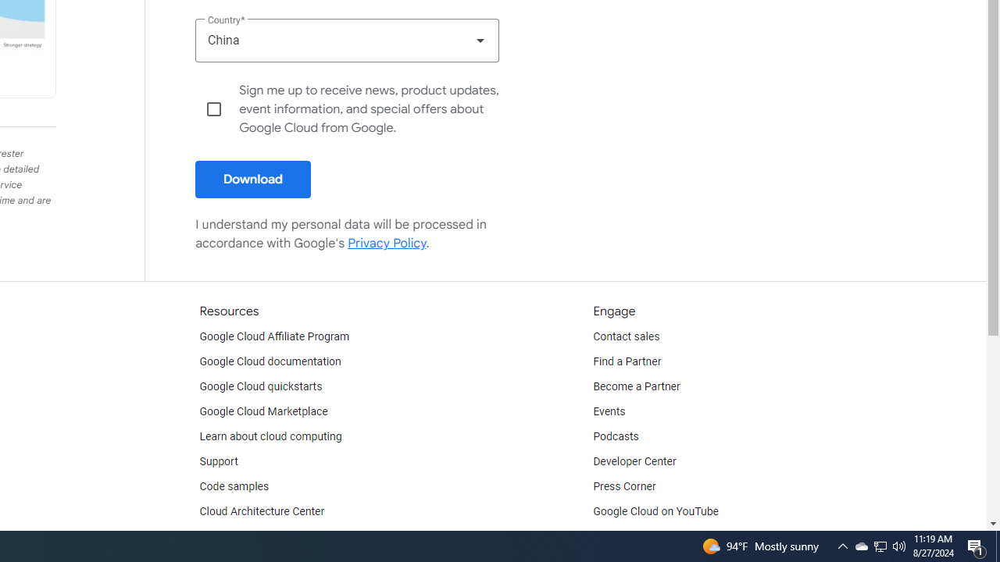 Image resolution: width=1000 pixels, height=562 pixels. Describe the element at coordinates (655, 511) in the screenshot. I see `'Google Cloud on YouTube'` at that location.